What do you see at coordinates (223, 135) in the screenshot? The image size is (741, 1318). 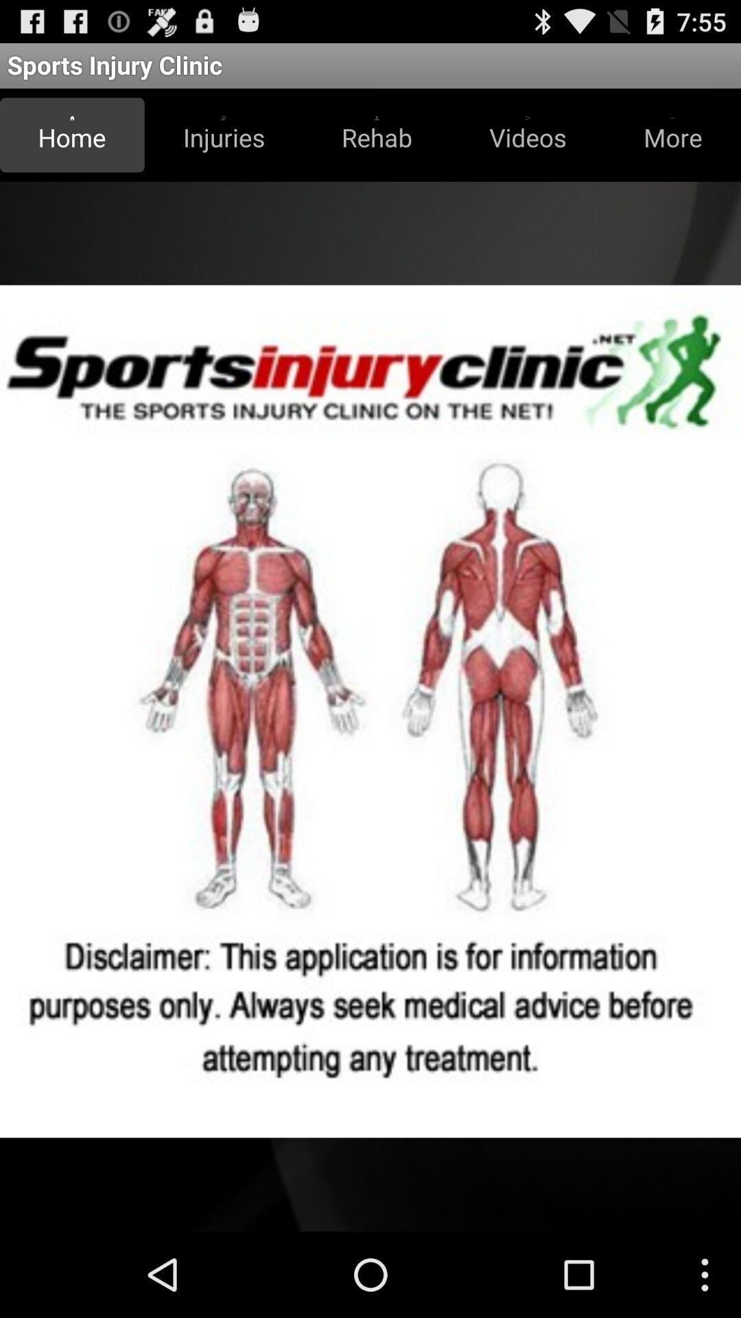 I see `item to the left of rehab` at bounding box center [223, 135].